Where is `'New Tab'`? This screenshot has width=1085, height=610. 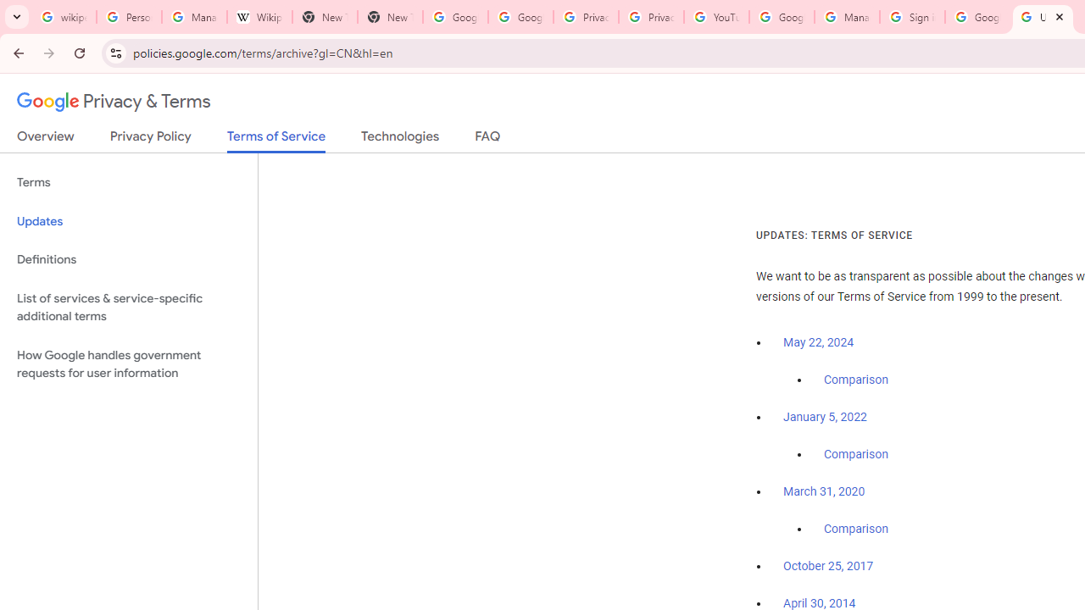
'New Tab' is located at coordinates (389, 17).